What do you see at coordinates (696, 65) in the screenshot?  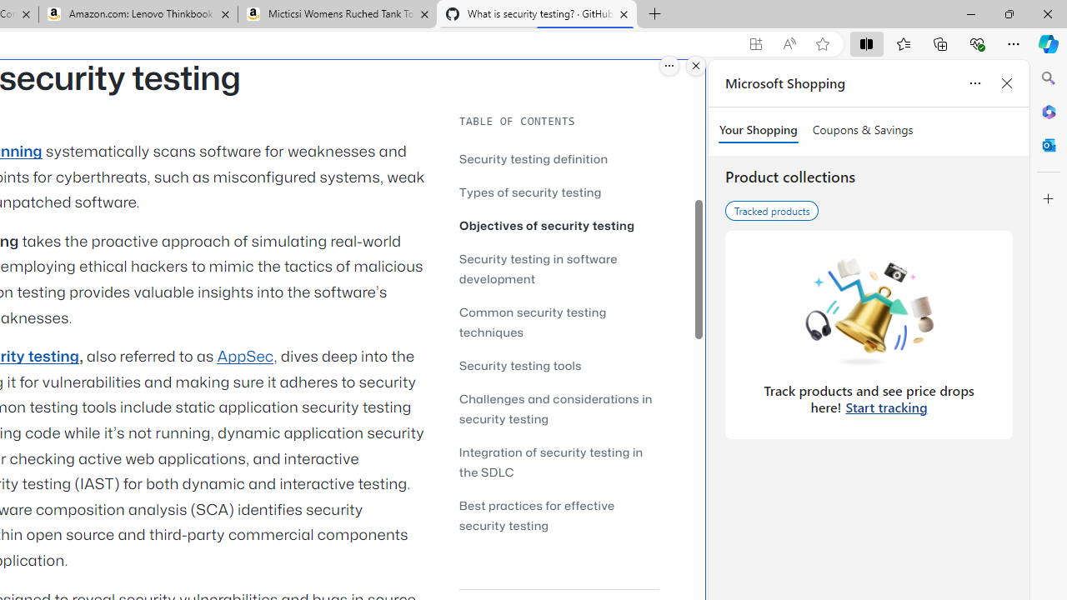 I see `'Close split screen.'` at bounding box center [696, 65].